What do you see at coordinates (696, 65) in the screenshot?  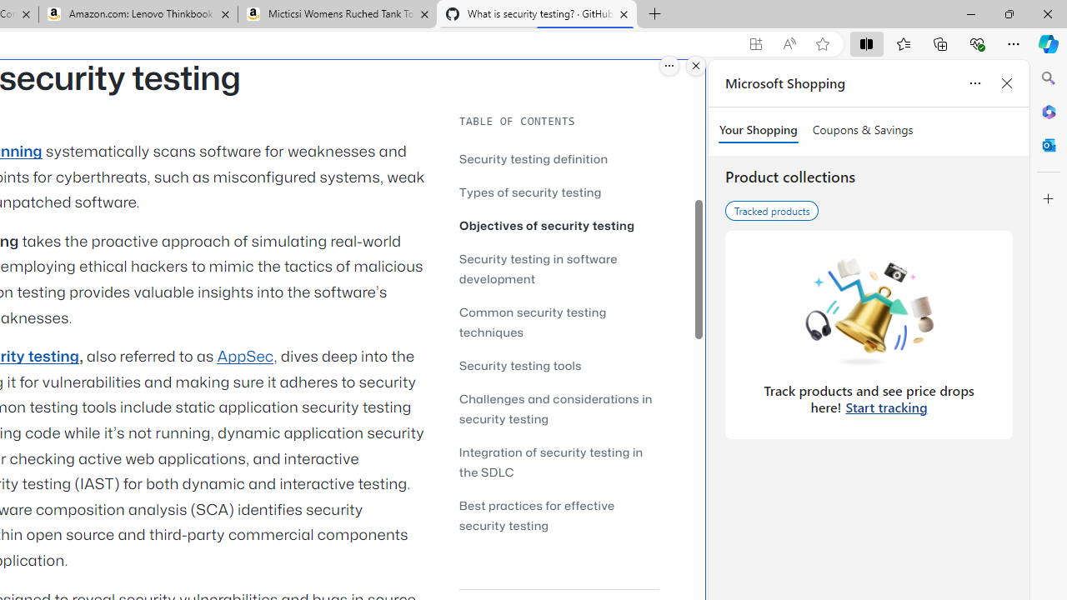 I see `'Close split screen.'` at bounding box center [696, 65].